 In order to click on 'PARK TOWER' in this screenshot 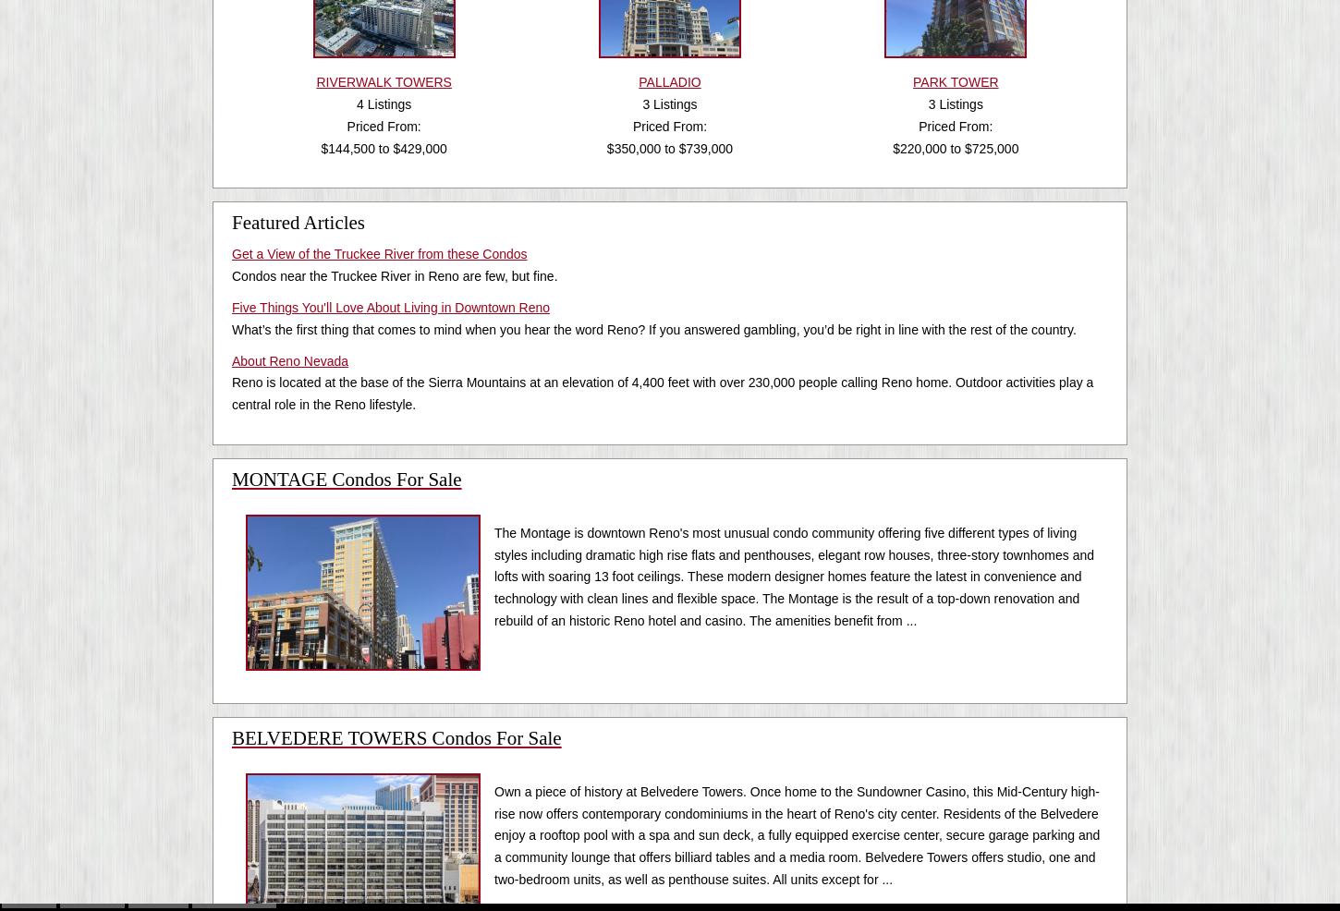, I will do `click(913, 82)`.